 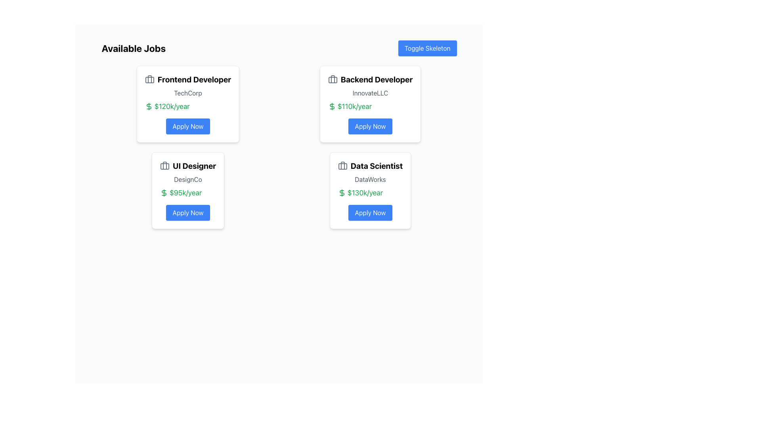 What do you see at coordinates (163, 193) in the screenshot?
I see `the curved line forming a dollar sign-like shape, which is part of the salary information icon in the UI Designer job card` at bounding box center [163, 193].